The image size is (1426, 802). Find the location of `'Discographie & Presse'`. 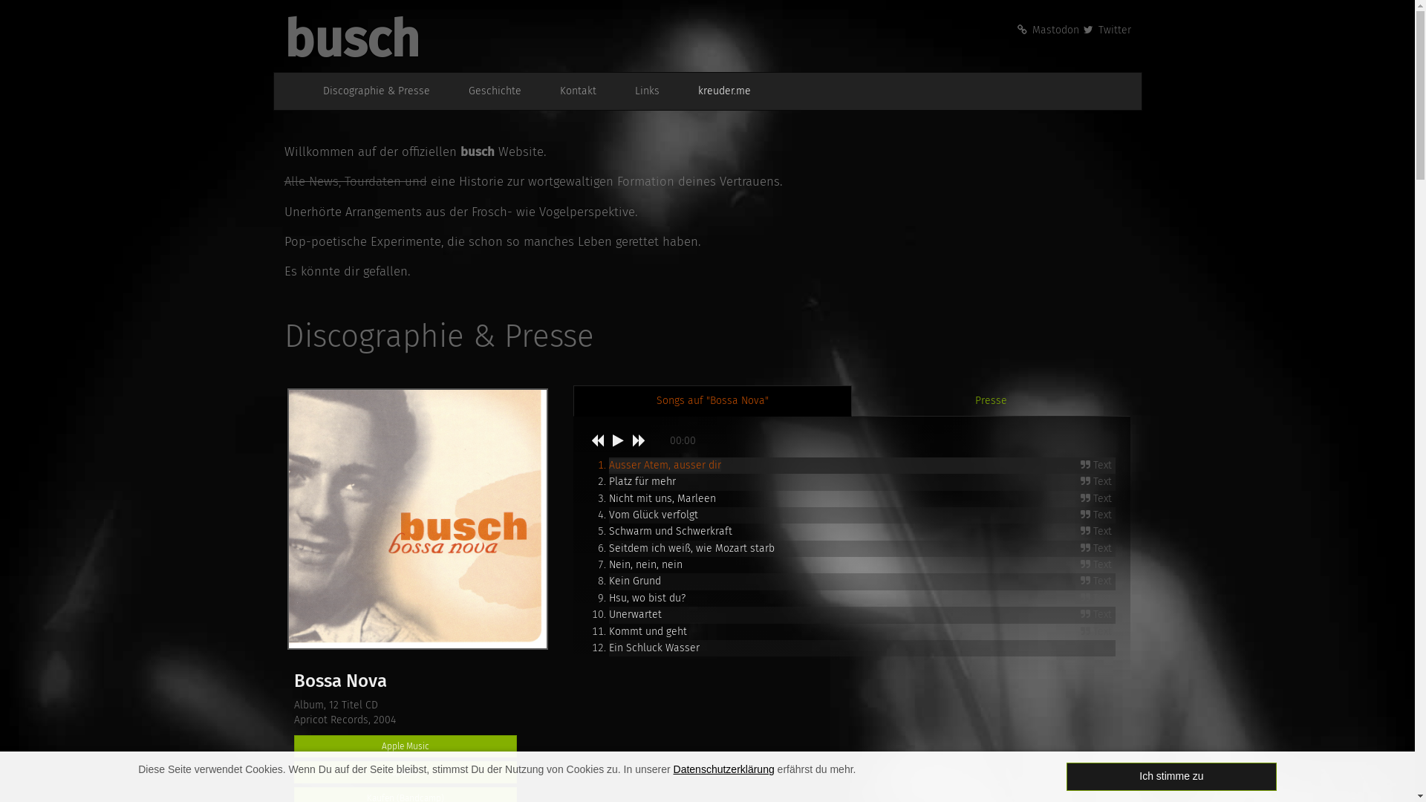

'Discographie & Presse' is located at coordinates (368, 91).